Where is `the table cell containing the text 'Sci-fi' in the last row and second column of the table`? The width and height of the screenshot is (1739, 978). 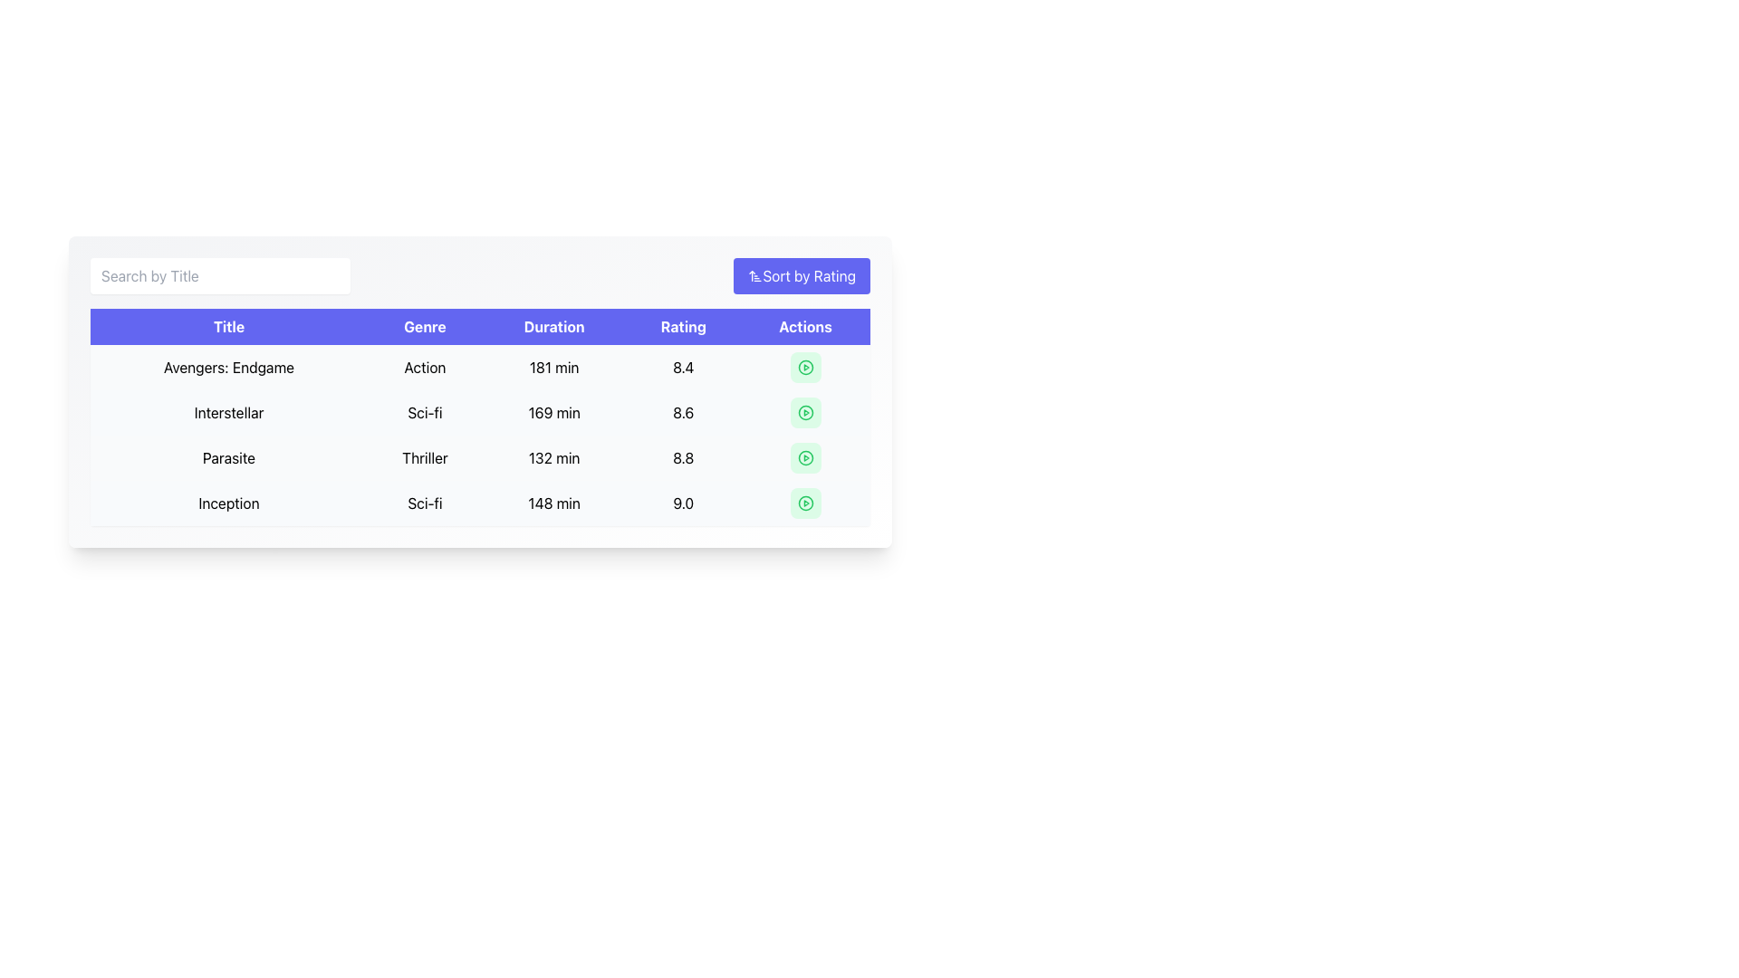
the table cell containing the text 'Sci-fi' in the last row and second column of the table is located at coordinates (424, 503).